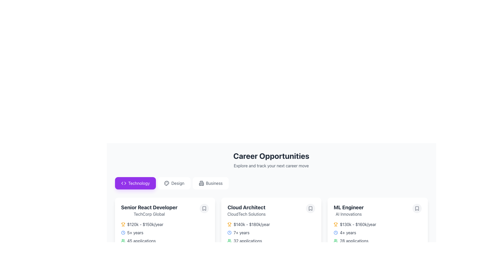 The height and width of the screenshot is (278, 494). What do you see at coordinates (349, 214) in the screenshot?
I see `the informational text label related to the career opportunity for the 'ML Engineer' position, which is the second text component in the third card under the 'Career Opportunities' section` at bounding box center [349, 214].